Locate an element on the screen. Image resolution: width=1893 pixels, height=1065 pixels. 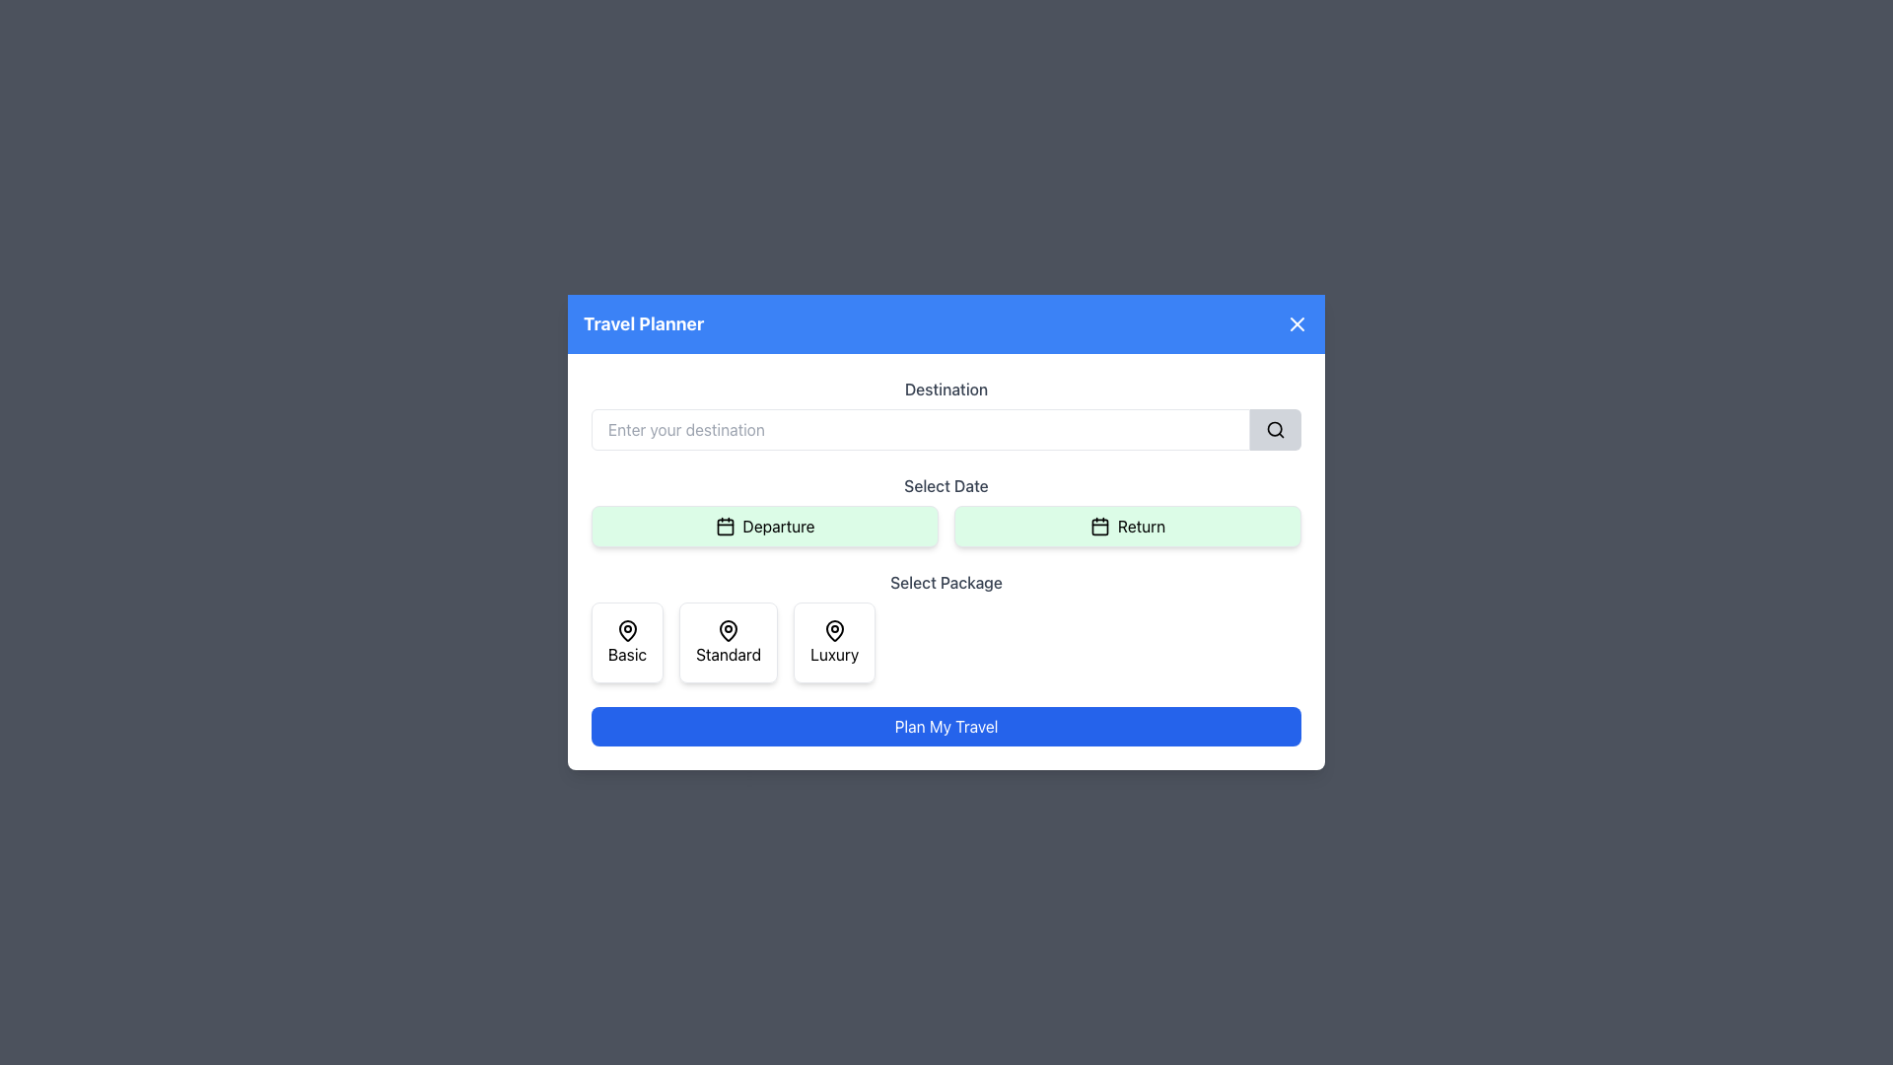
the leftmost Button-like card labeled 'Basic' in the 'Select Package' section is located at coordinates (626, 642).